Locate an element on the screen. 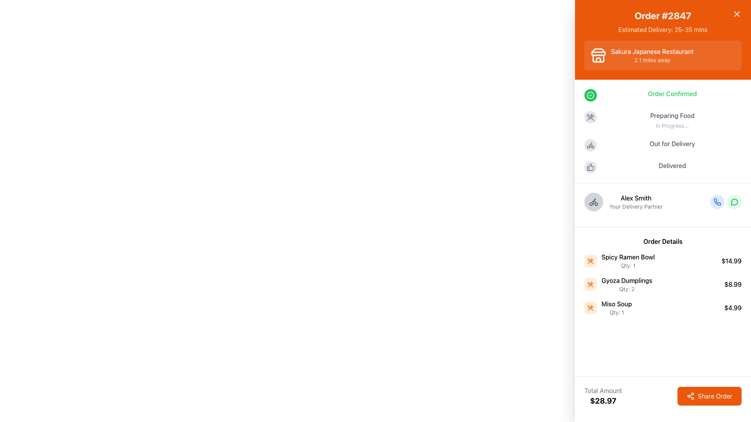 This screenshot has width=751, height=422. the static text element that serves as a label or subtitle for 'Alex Smith', located below his name and to the right of the avatar image is located at coordinates (636, 206).